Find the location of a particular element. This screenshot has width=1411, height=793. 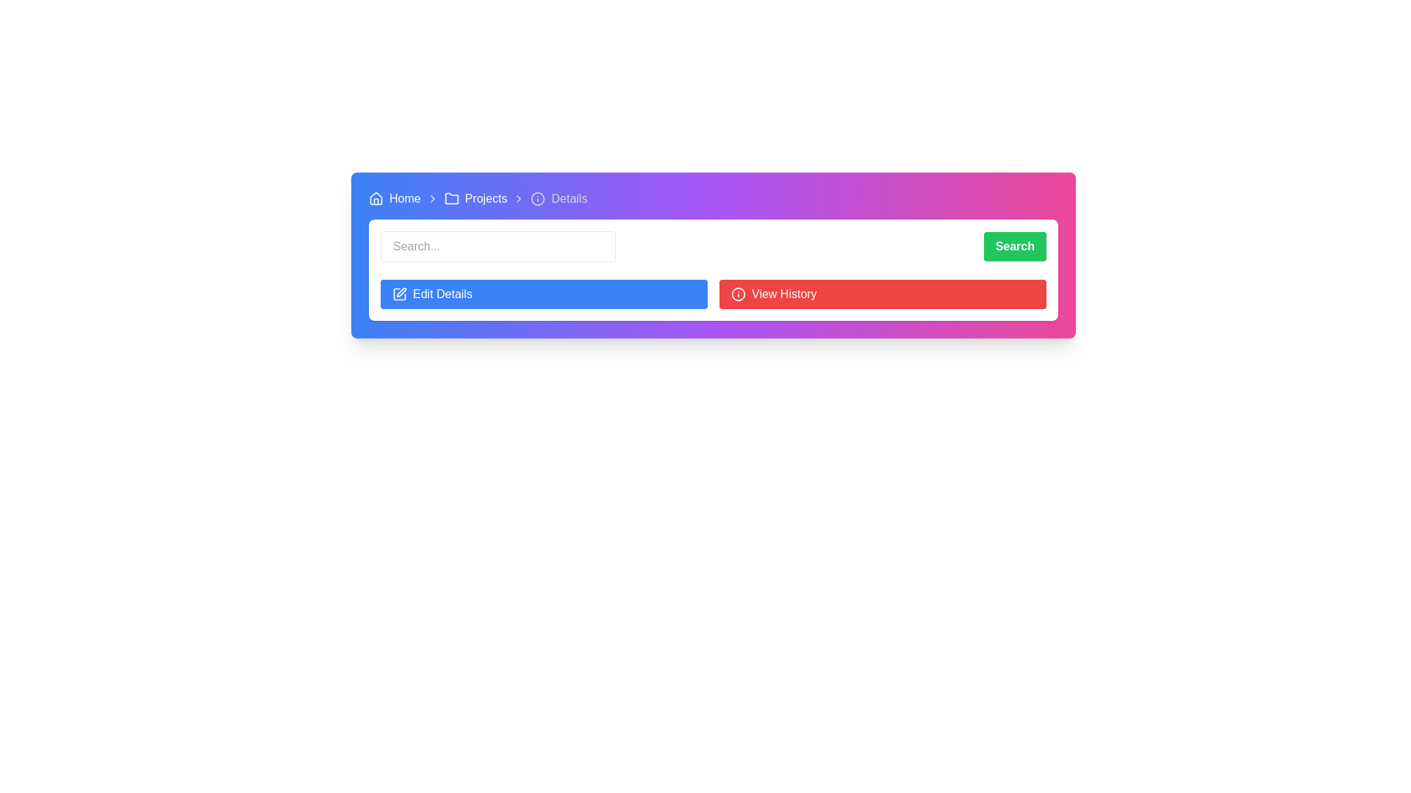

the 'Home' text label in the breadcrumb navigation bar located at the top-left corner of the interface is located at coordinates (395, 198).